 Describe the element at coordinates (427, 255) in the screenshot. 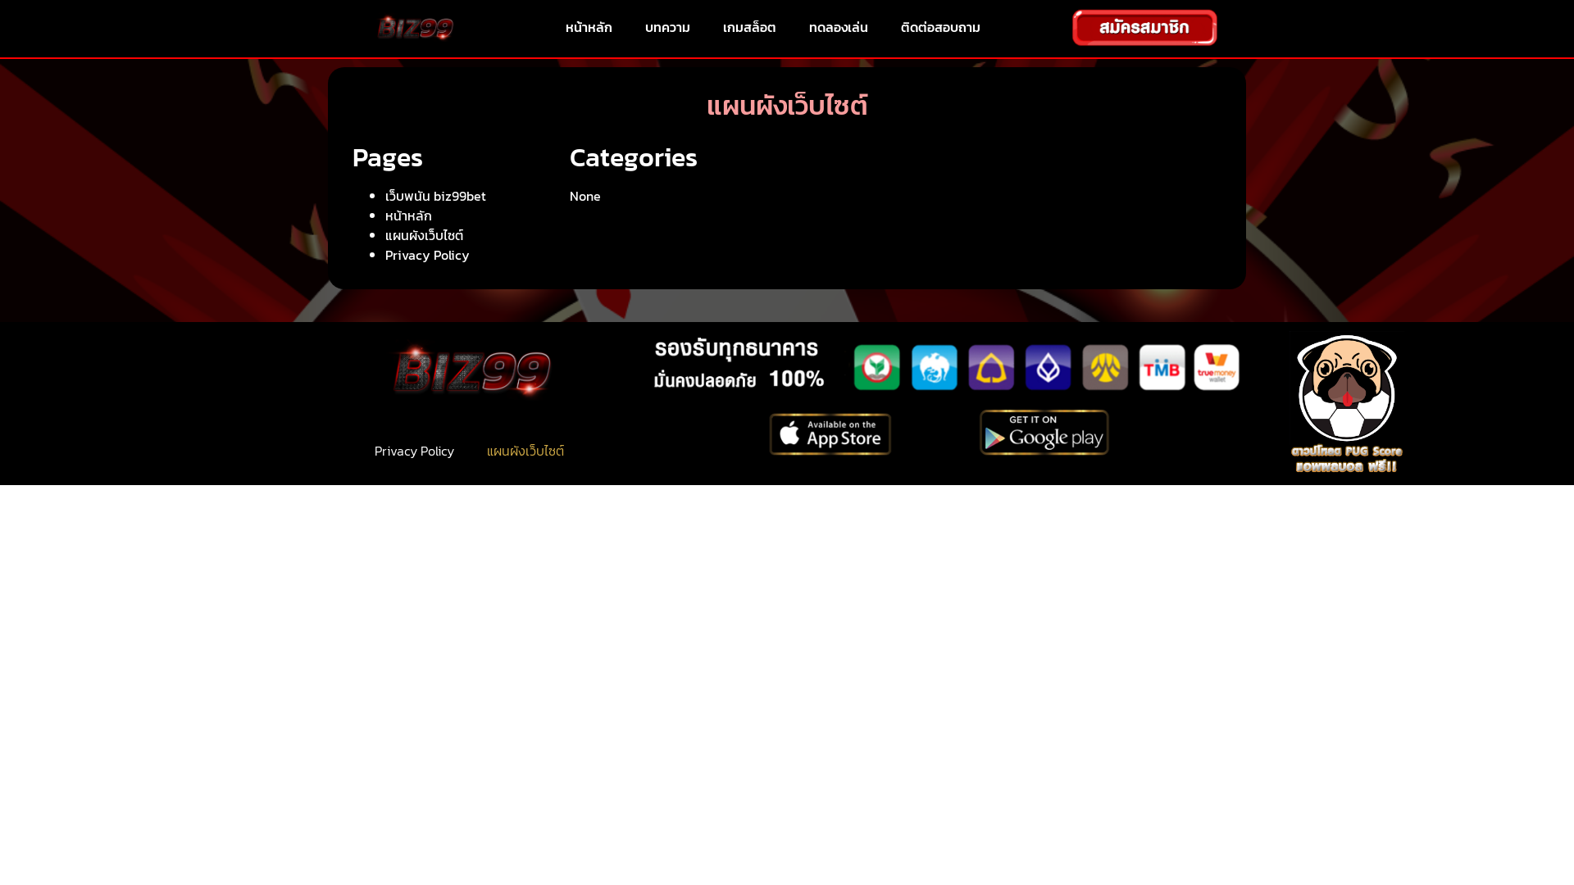

I see `'Privacy Policy'` at that location.